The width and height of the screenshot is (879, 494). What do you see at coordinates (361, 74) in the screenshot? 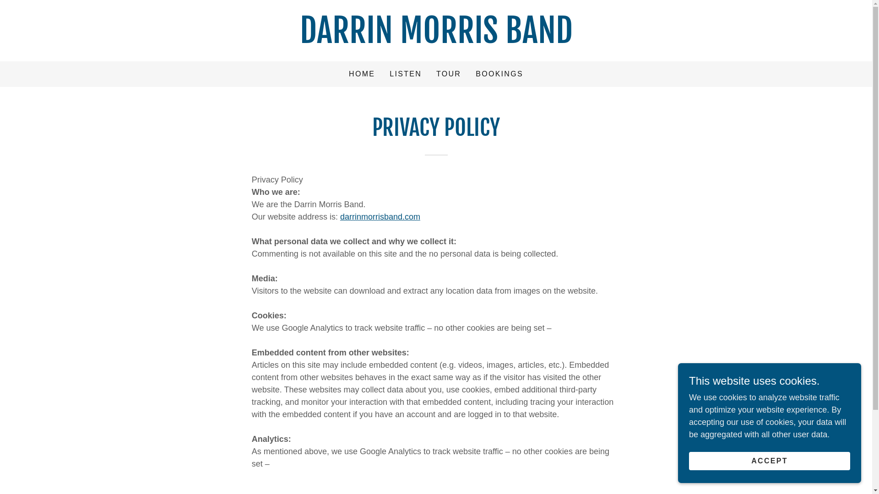
I see `'HOME'` at bounding box center [361, 74].